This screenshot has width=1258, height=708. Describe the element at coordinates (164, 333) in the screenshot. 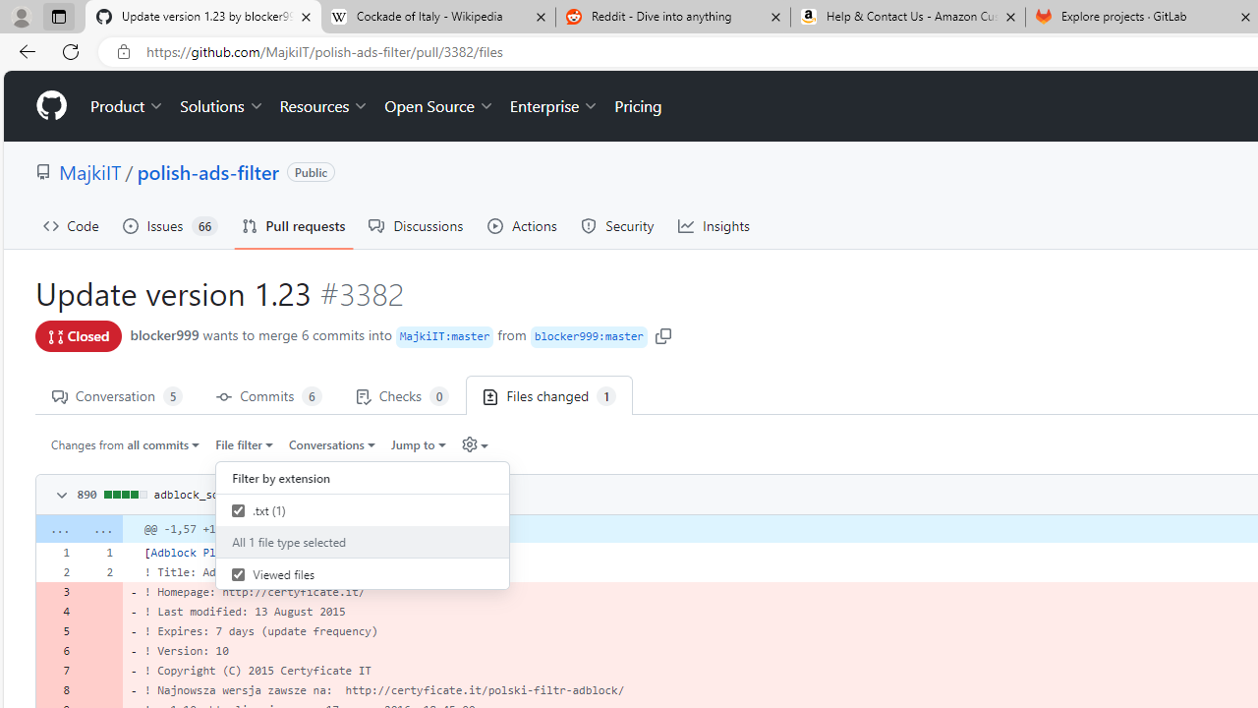

I see `'blocker999'` at that location.